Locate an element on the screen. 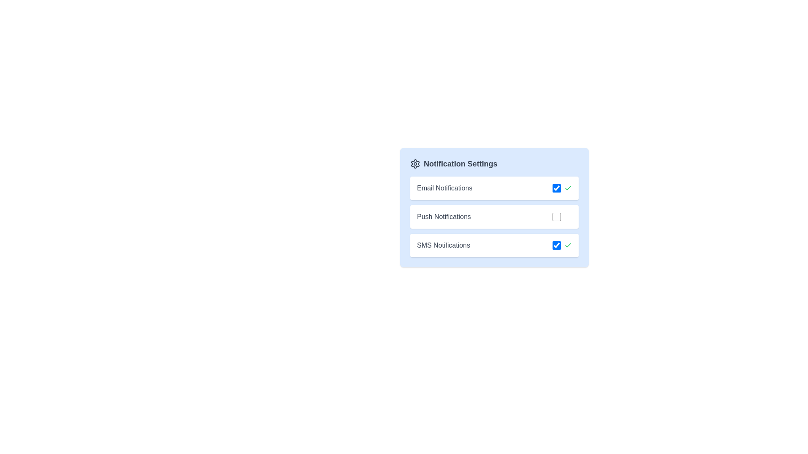 The image size is (808, 454). the icon that indicates the activation or confirmation for the 'SMS Notifications' option, located immediately to the right of the checkbox in the third row of the notification settings section is located at coordinates (568, 245).